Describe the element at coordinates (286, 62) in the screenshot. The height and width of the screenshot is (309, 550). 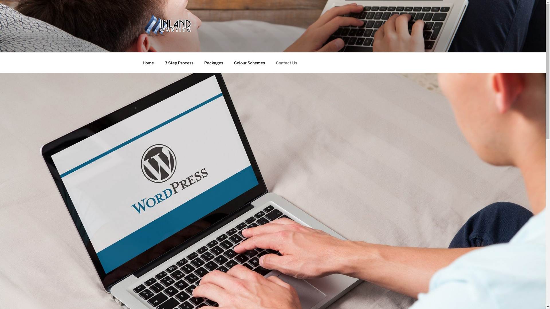
I see `'Contact Us'` at that location.